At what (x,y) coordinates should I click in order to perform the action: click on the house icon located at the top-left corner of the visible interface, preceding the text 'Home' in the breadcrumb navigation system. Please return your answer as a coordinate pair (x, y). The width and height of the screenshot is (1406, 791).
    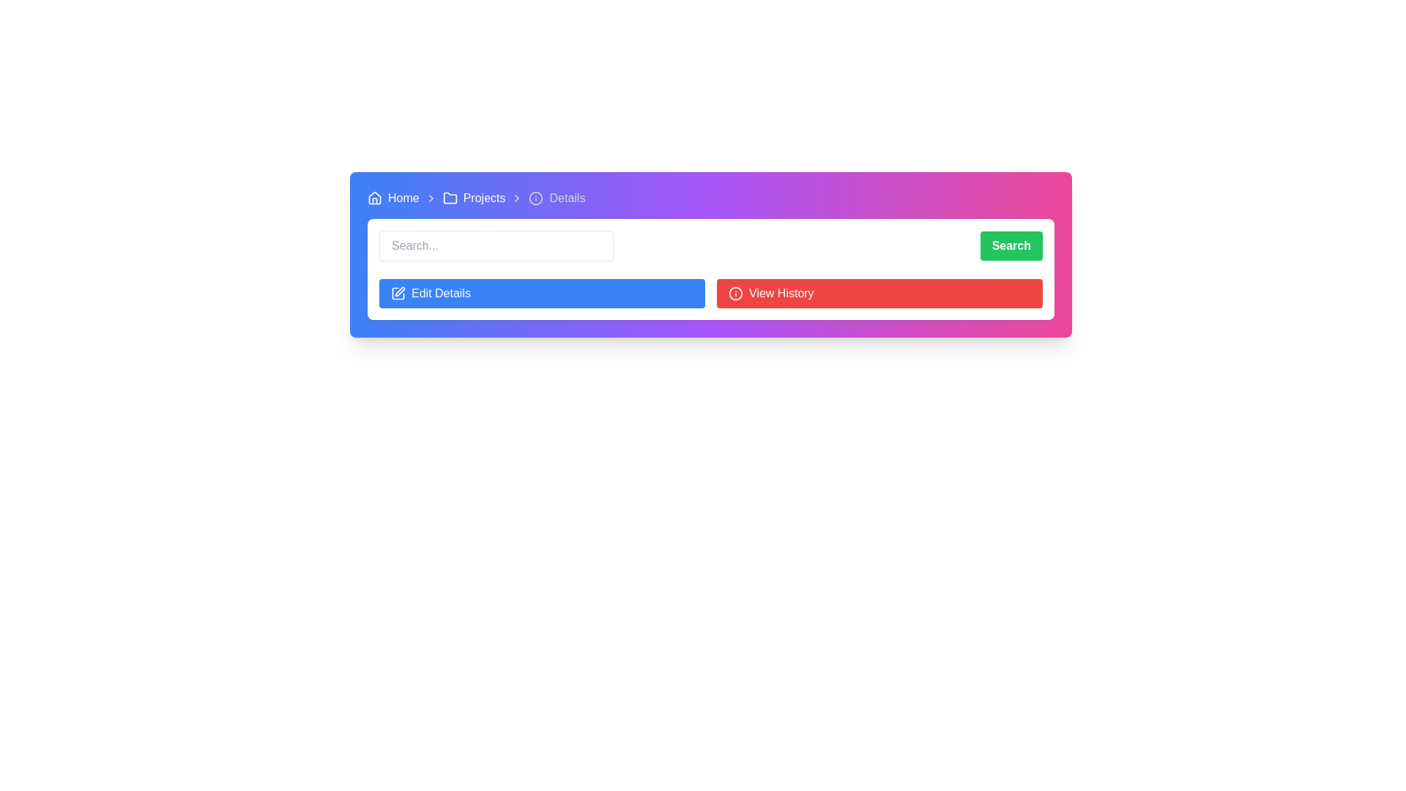
    Looking at the image, I should click on (375, 198).